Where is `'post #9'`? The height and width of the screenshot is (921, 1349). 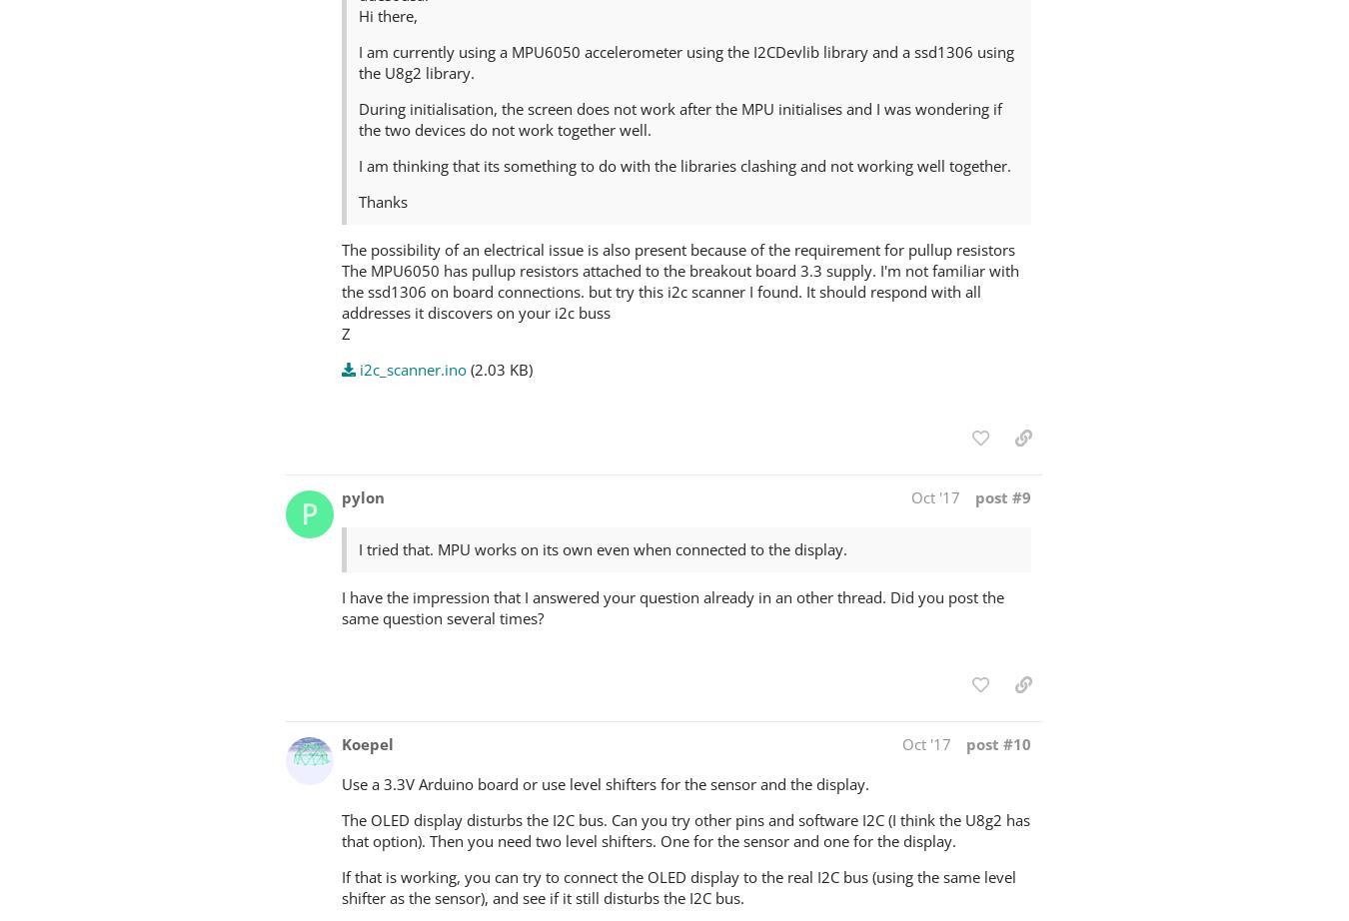
'post #9' is located at coordinates (1001, 495).